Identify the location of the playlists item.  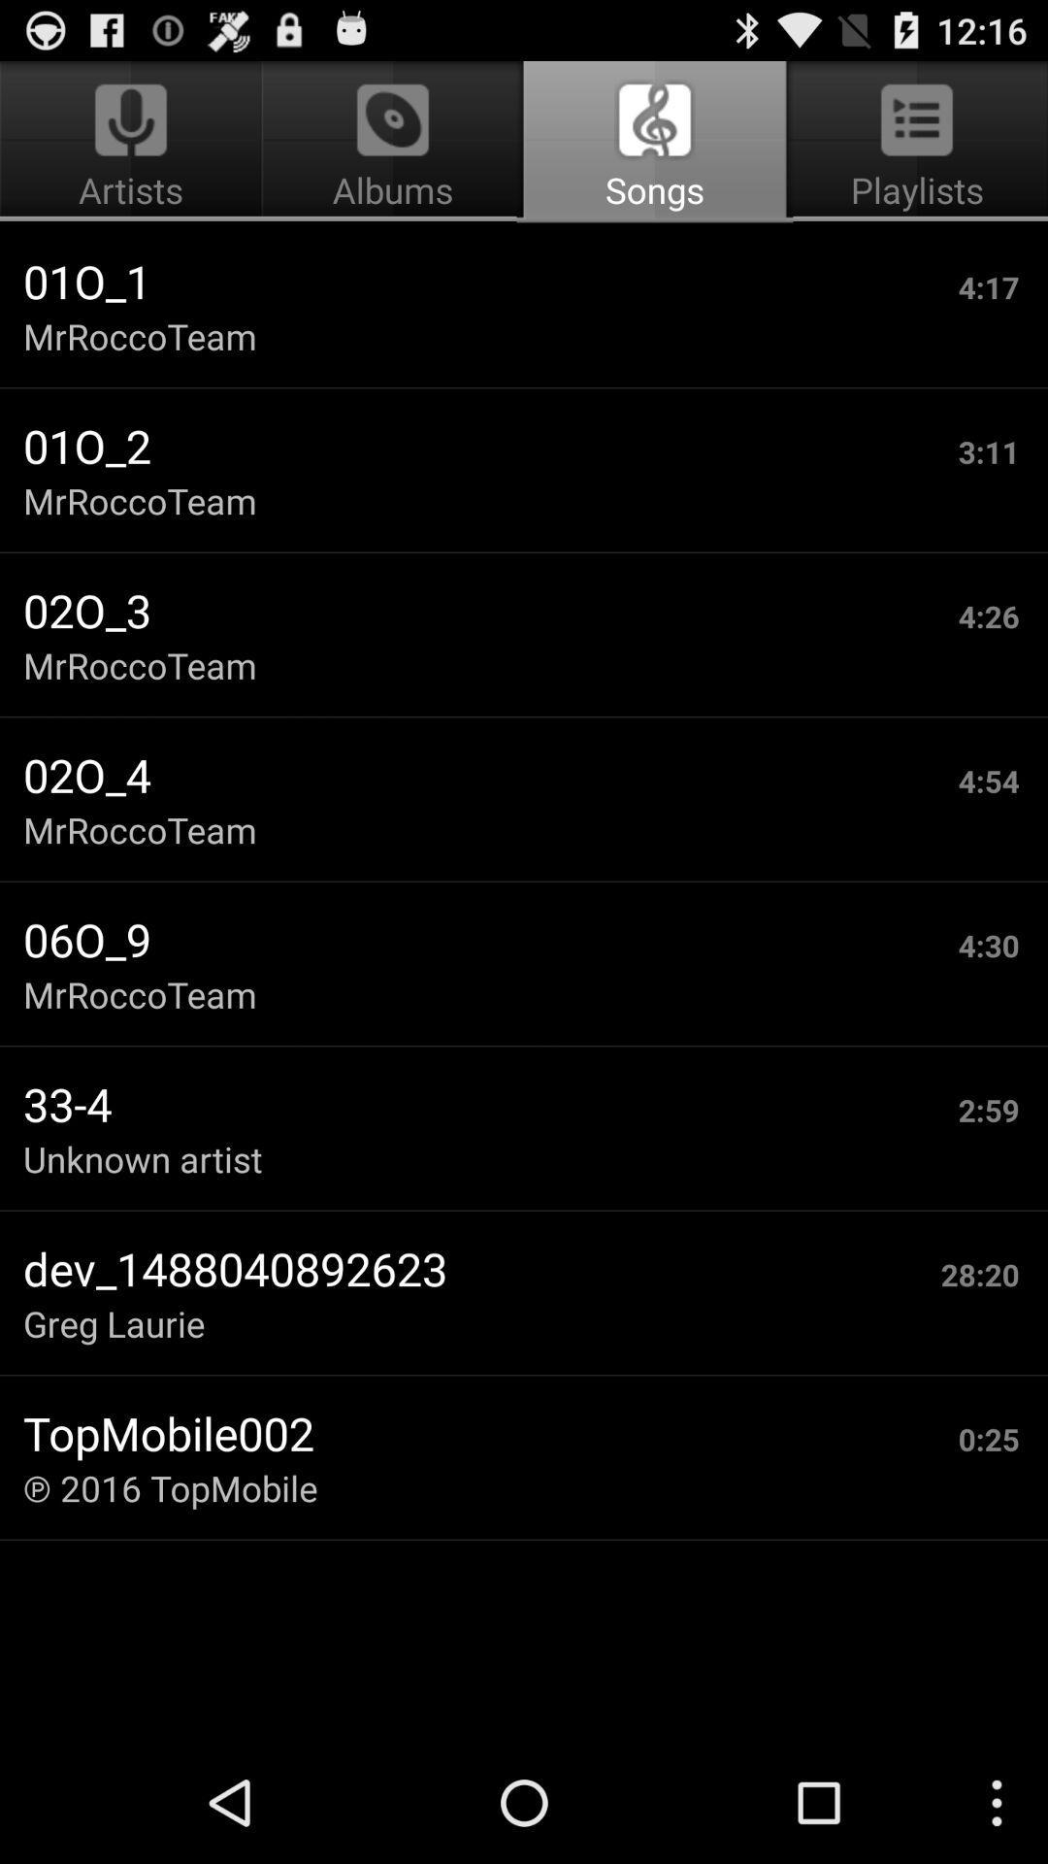
(913, 142).